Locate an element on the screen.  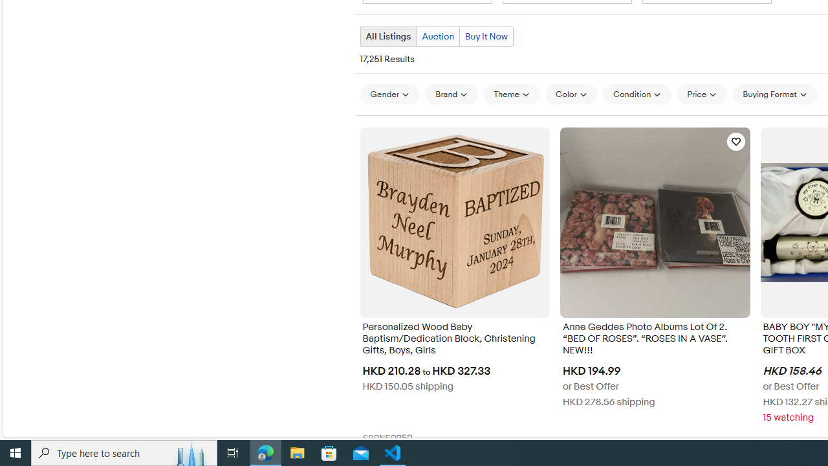
'Color' is located at coordinates (571, 93).